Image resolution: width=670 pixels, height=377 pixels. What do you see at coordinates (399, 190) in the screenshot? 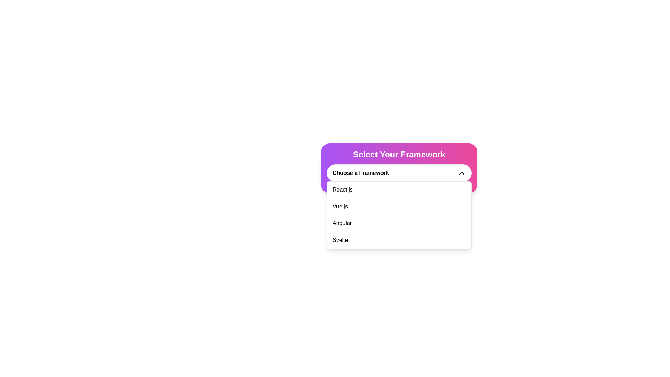
I see `the menu item displaying 'React.js' to activate its hover state, which is the first item in a vertical list of options` at bounding box center [399, 190].